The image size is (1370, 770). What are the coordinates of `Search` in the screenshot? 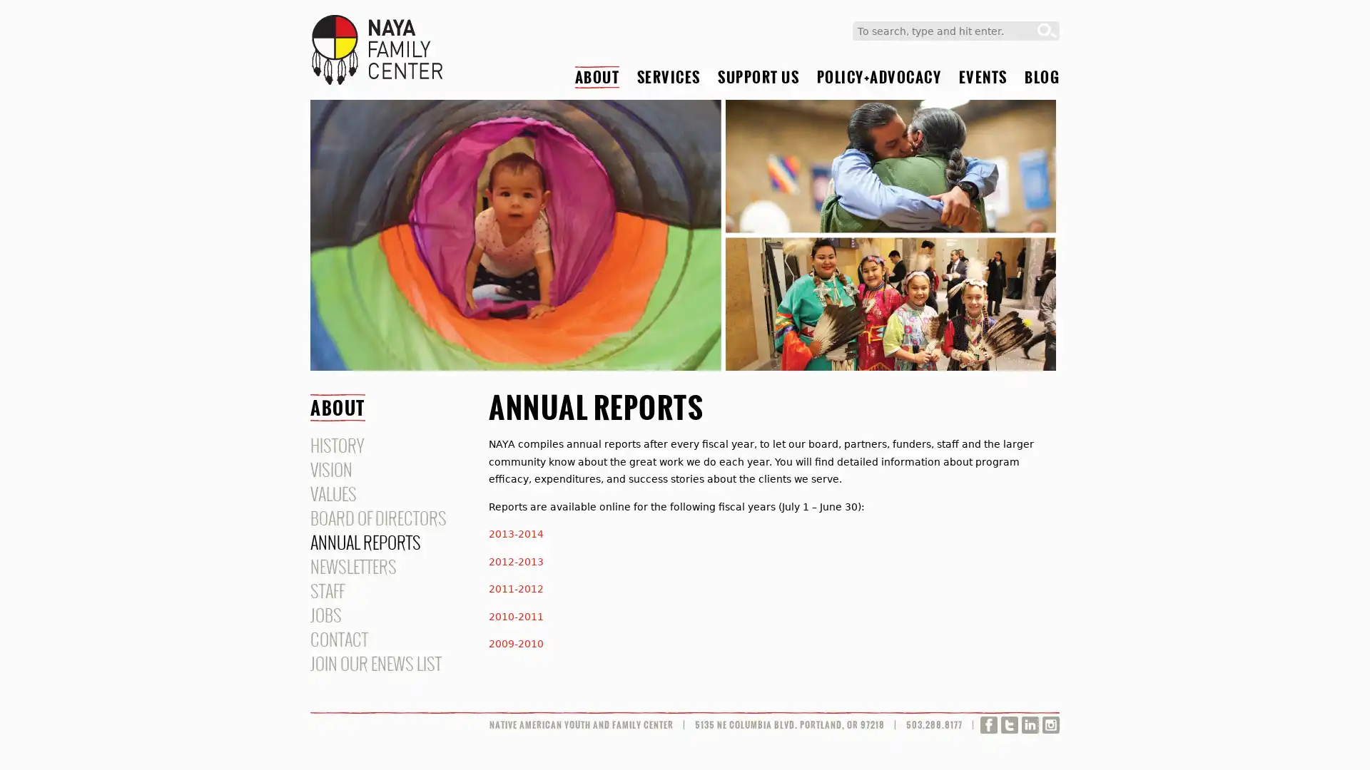 It's located at (1047, 31).